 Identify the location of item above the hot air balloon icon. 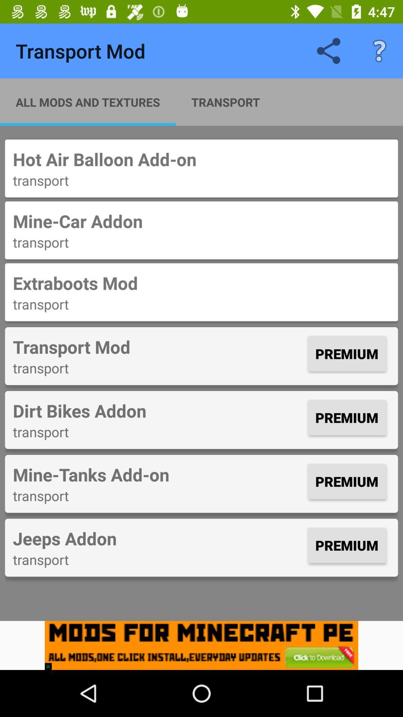
(379, 50).